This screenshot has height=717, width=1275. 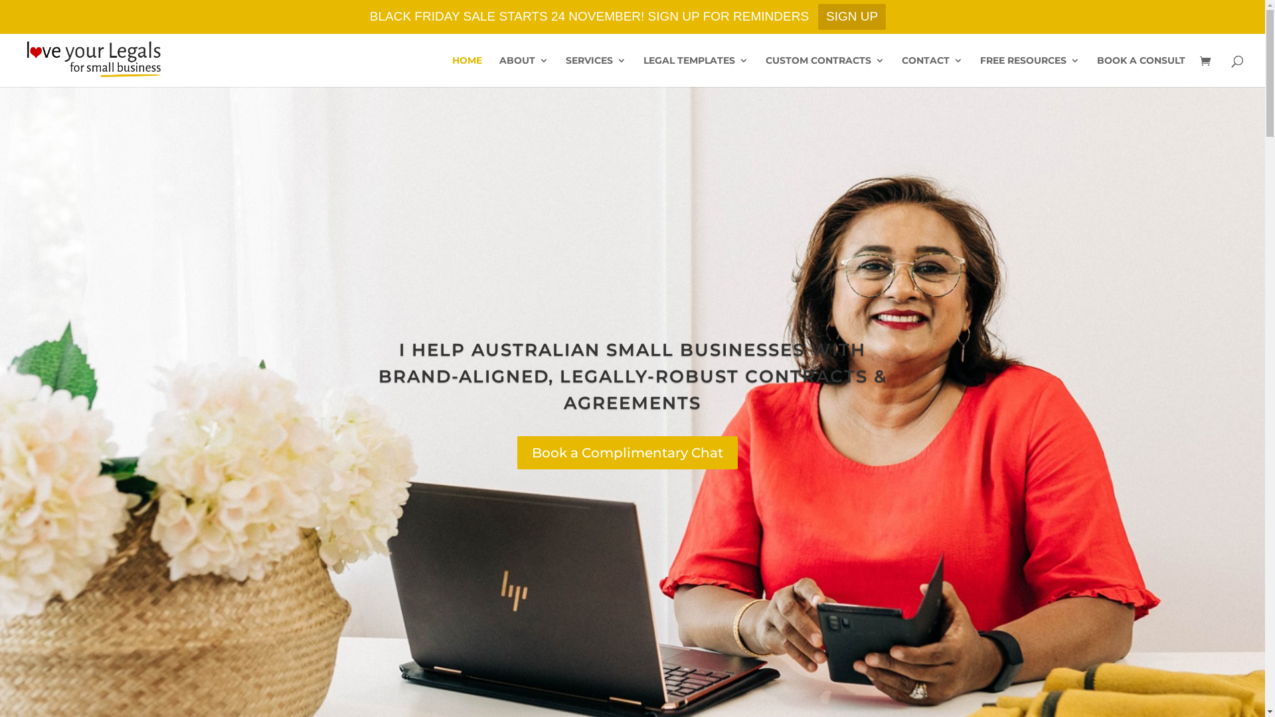 I want to click on 'HOME', so click(x=467, y=71).